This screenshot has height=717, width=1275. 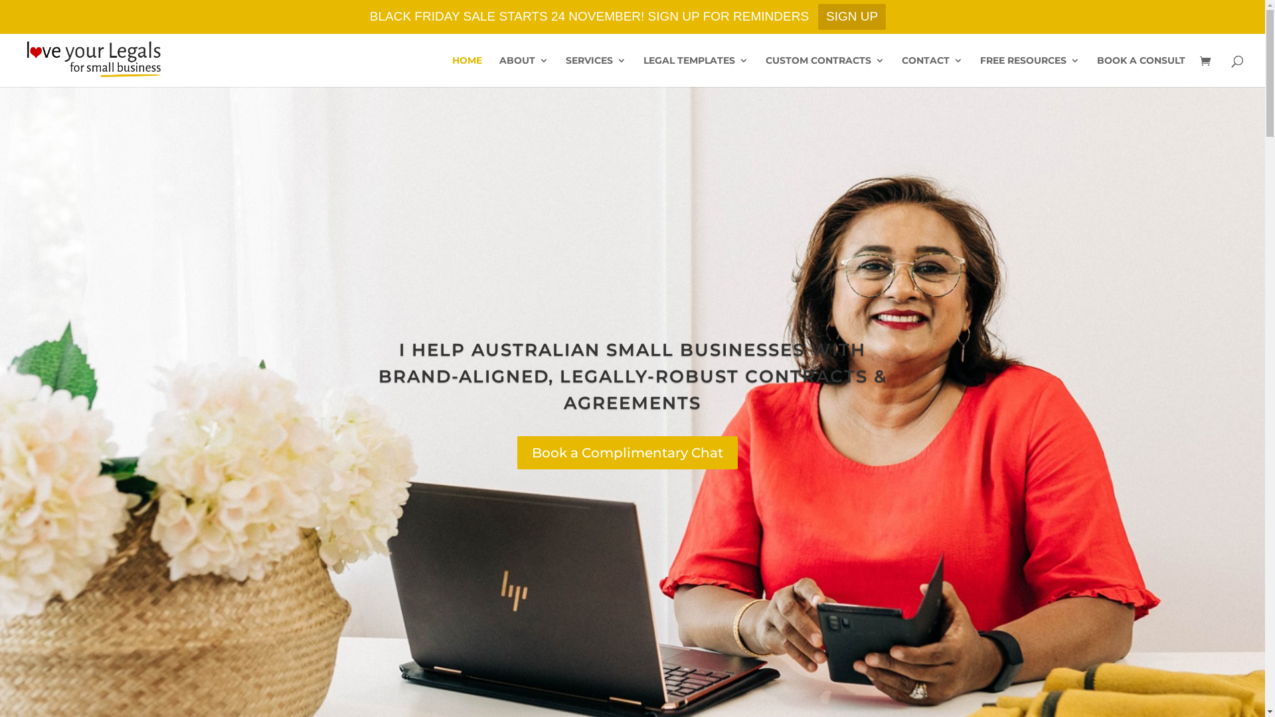 I want to click on 'HOME', so click(x=467, y=71).